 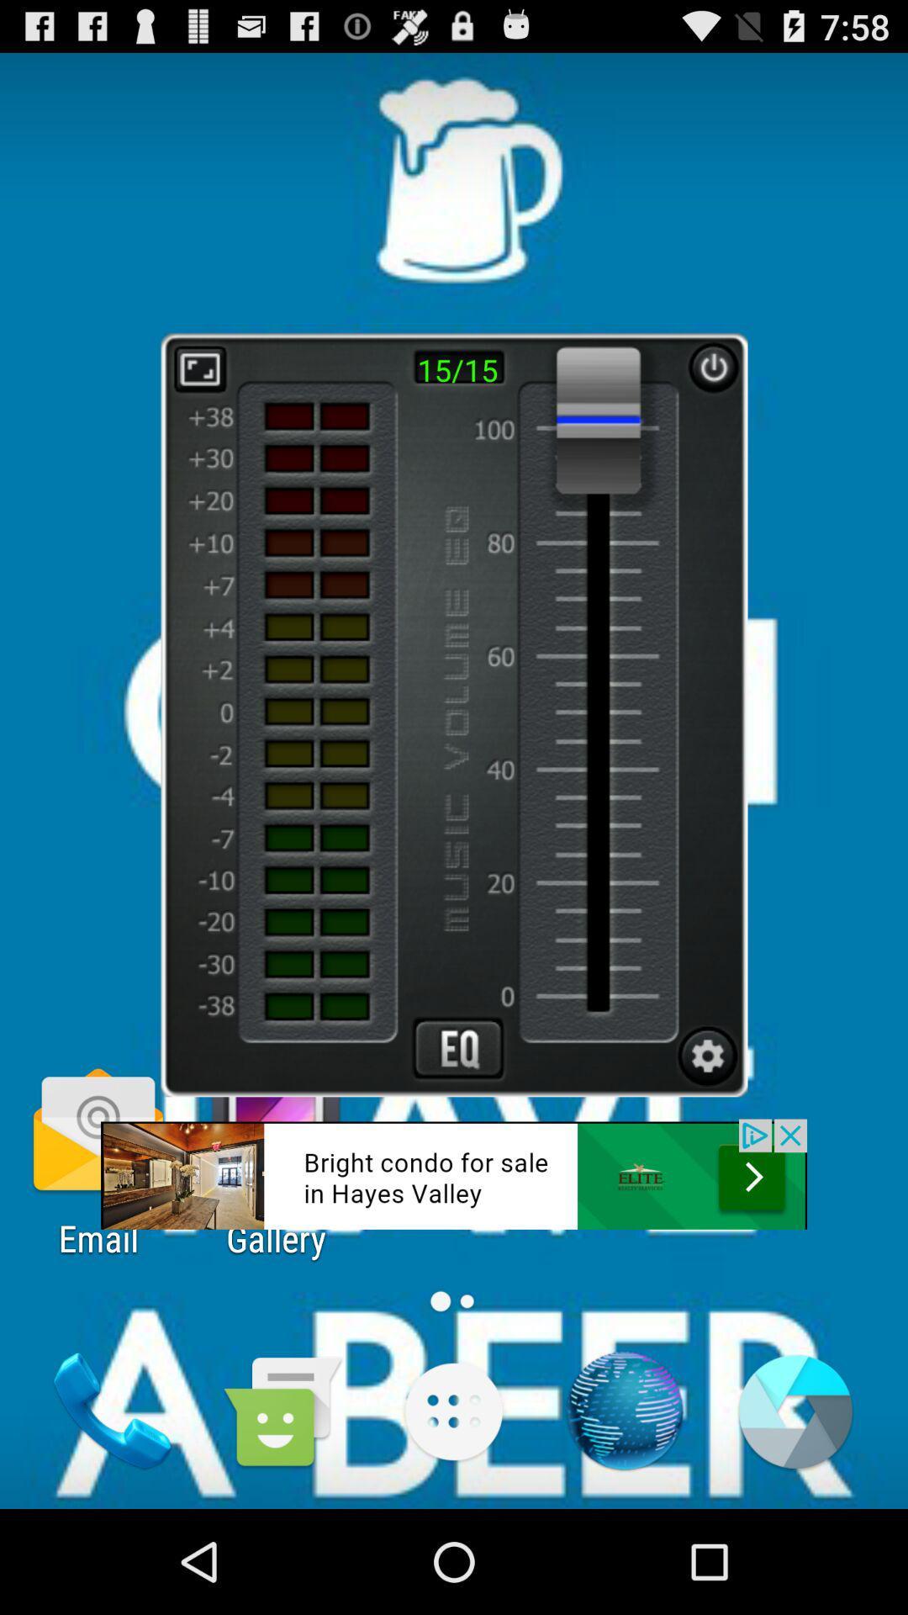 What do you see at coordinates (198, 368) in the screenshot?
I see `zoom button` at bounding box center [198, 368].